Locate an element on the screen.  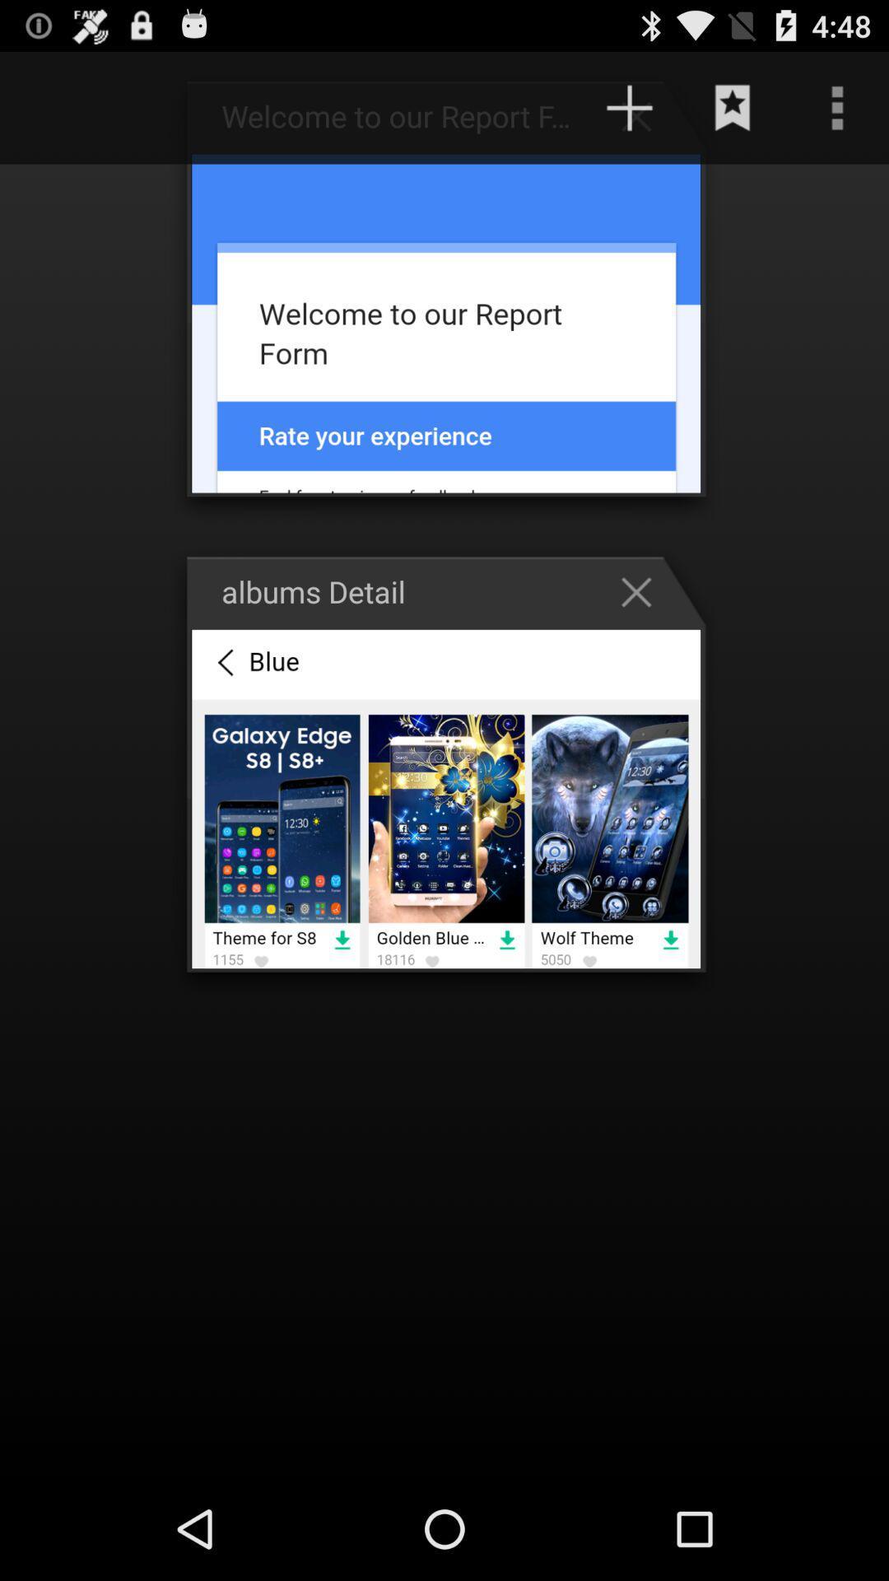
the close icon is located at coordinates (644, 632).